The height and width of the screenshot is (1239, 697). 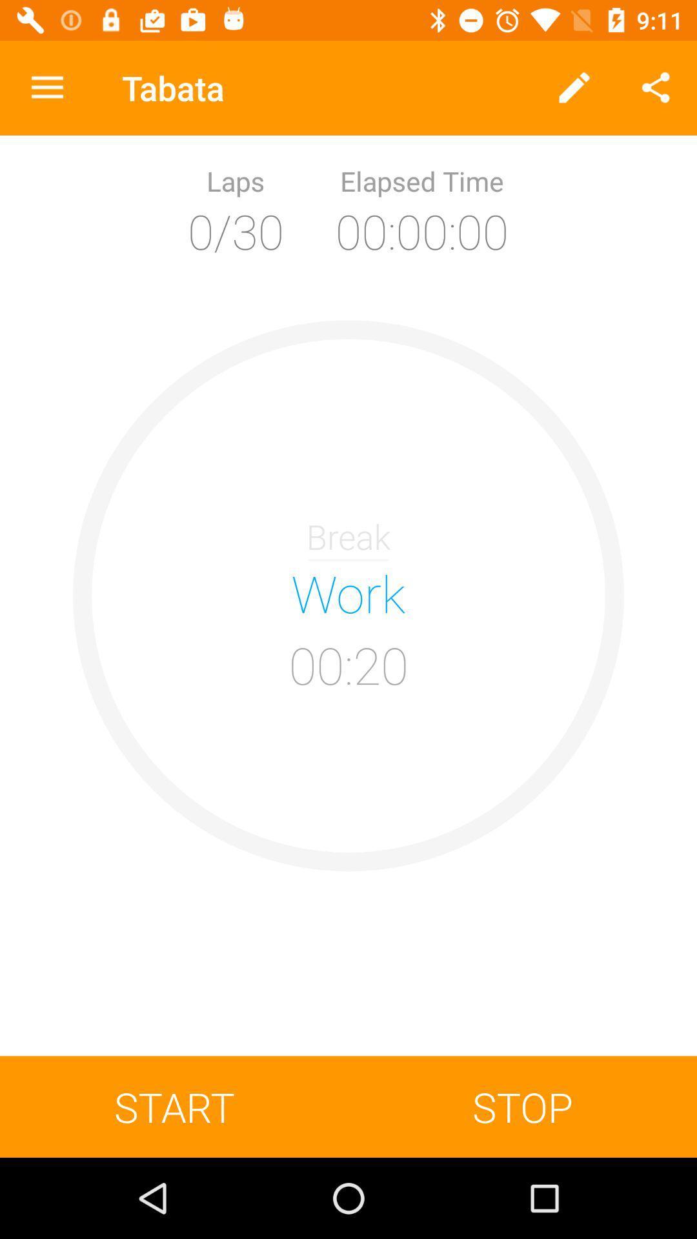 What do you see at coordinates (523, 1106) in the screenshot?
I see `stop` at bounding box center [523, 1106].